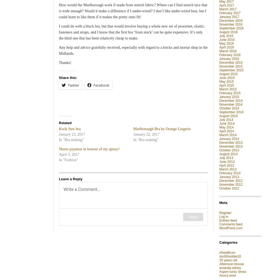  I want to click on 'February 2013', so click(230, 172).